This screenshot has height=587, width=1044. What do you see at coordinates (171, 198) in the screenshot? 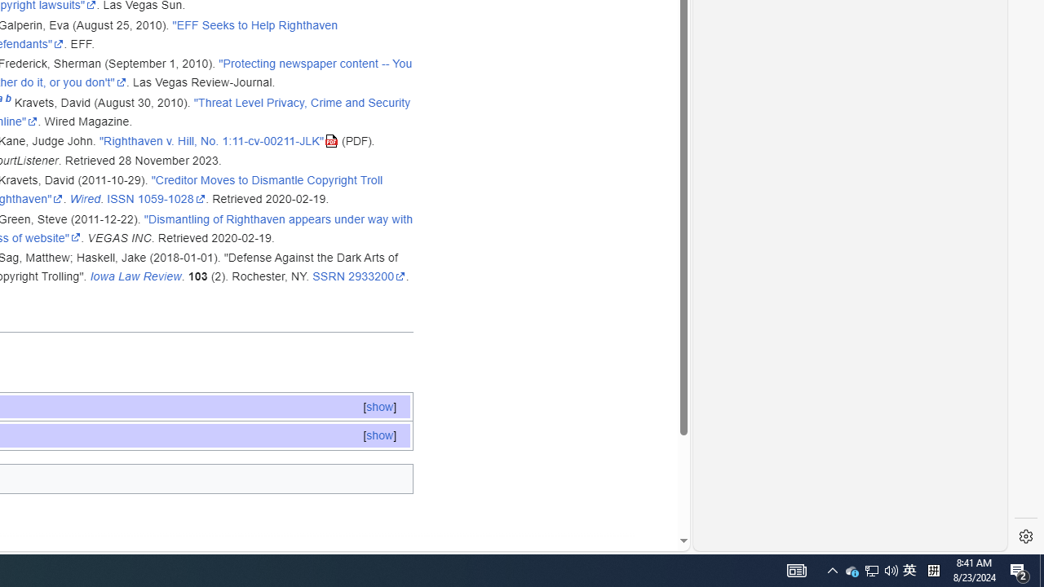
I see `'1059-1028'` at bounding box center [171, 198].